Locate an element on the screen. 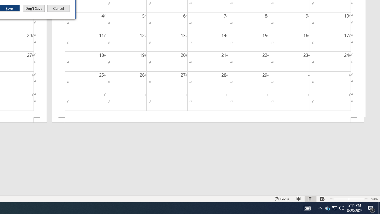 The width and height of the screenshot is (380, 214). 'Don' is located at coordinates (33, 8).